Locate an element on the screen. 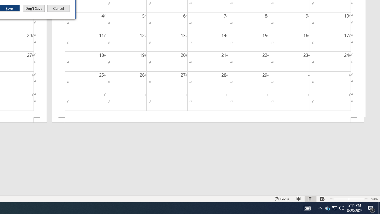 The width and height of the screenshot is (380, 214). 'Don' is located at coordinates (33, 8).